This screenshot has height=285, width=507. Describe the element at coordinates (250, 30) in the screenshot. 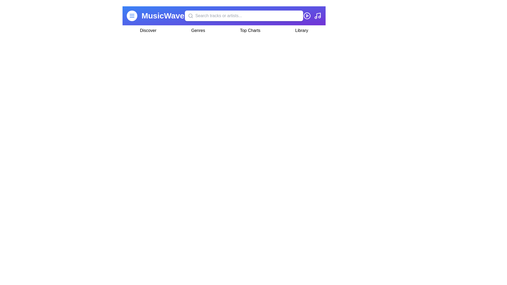

I see `the navigation item Top Charts by clicking on it` at that location.